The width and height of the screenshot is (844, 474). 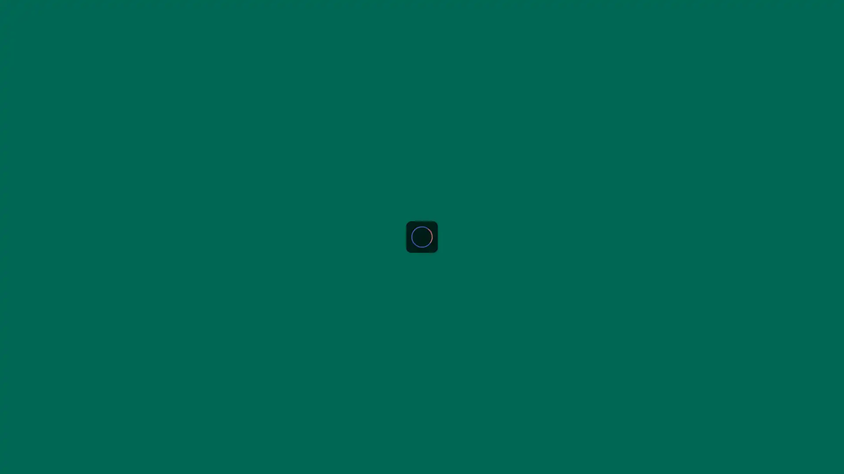 I want to click on Continue, so click(x=422, y=372).